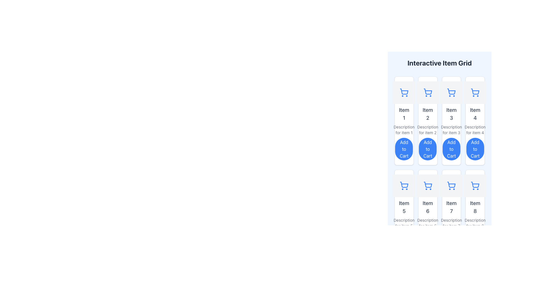 Image resolution: width=543 pixels, height=305 pixels. Describe the element at coordinates (451, 149) in the screenshot. I see `the button that adds 'Item 3' to the shopping cart, located beneath the description 'Description for item 3' in the third item of the grid layout` at that location.